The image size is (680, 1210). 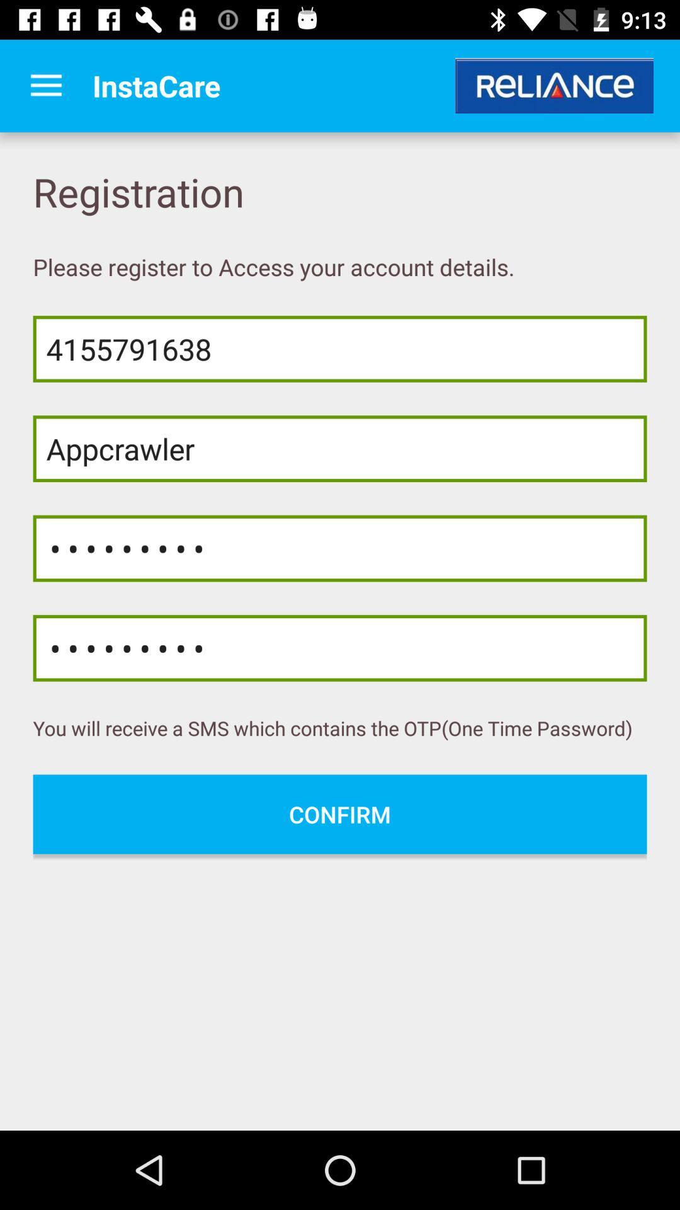 What do you see at coordinates (340, 449) in the screenshot?
I see `icon below 4155791638 icon` at bounding box center [340, 449].